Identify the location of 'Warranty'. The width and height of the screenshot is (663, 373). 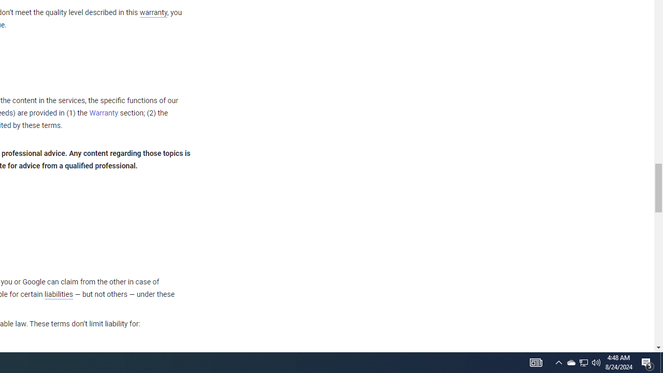
(104, 113).